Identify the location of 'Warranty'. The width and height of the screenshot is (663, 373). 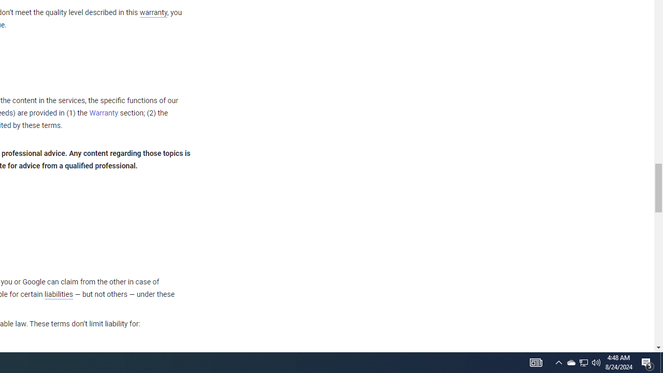
(104, 113).